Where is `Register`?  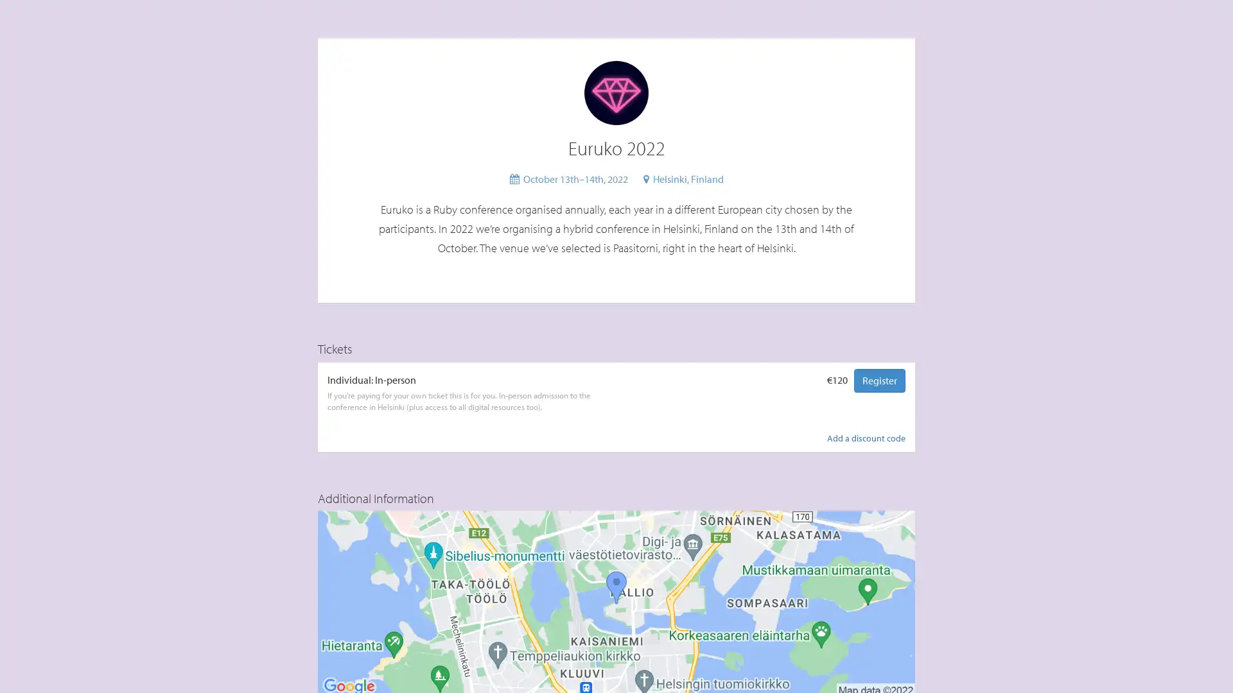 Register is located at coordinates (879, 379).